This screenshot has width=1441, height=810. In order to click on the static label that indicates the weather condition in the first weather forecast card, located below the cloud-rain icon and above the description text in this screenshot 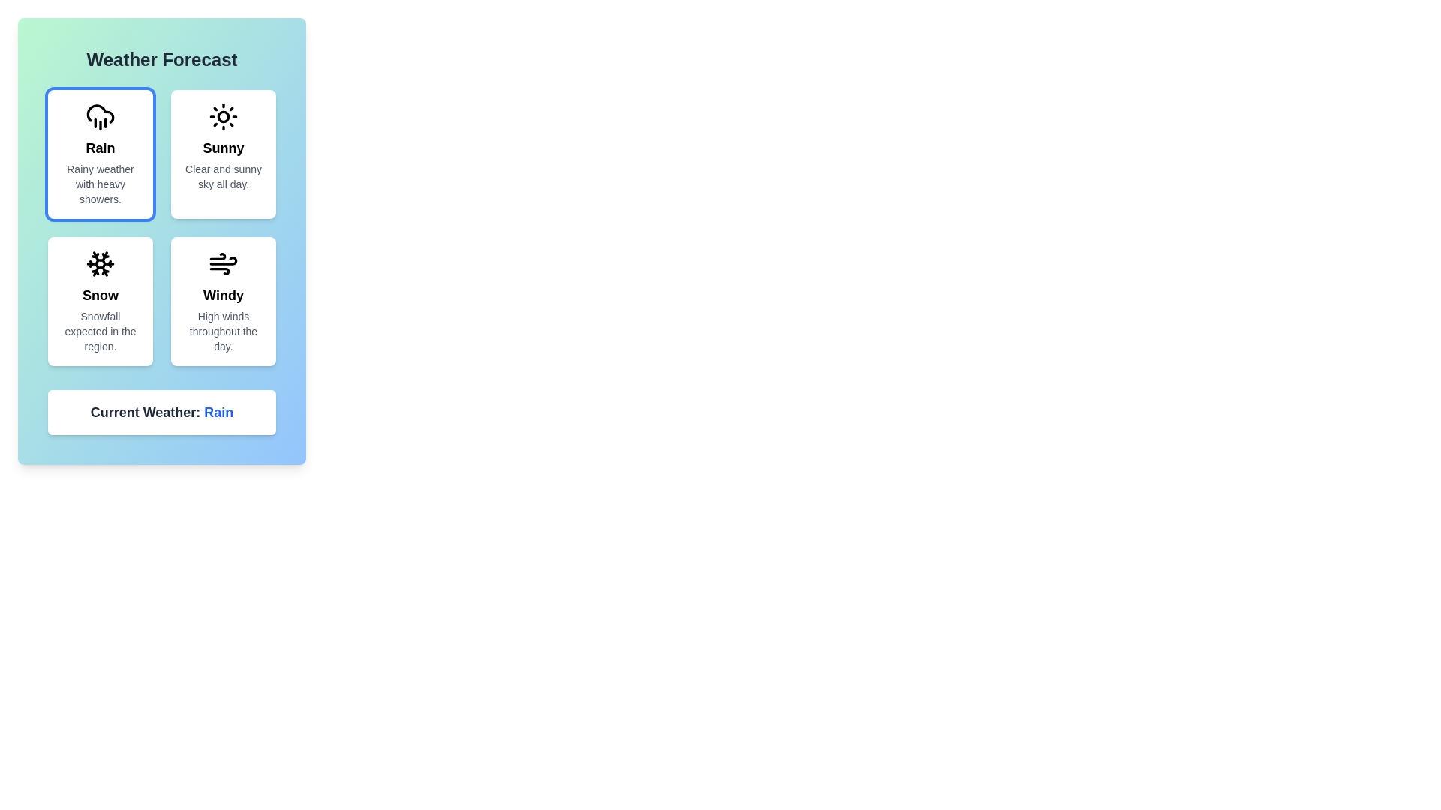, I will do `click(100, 148)`.